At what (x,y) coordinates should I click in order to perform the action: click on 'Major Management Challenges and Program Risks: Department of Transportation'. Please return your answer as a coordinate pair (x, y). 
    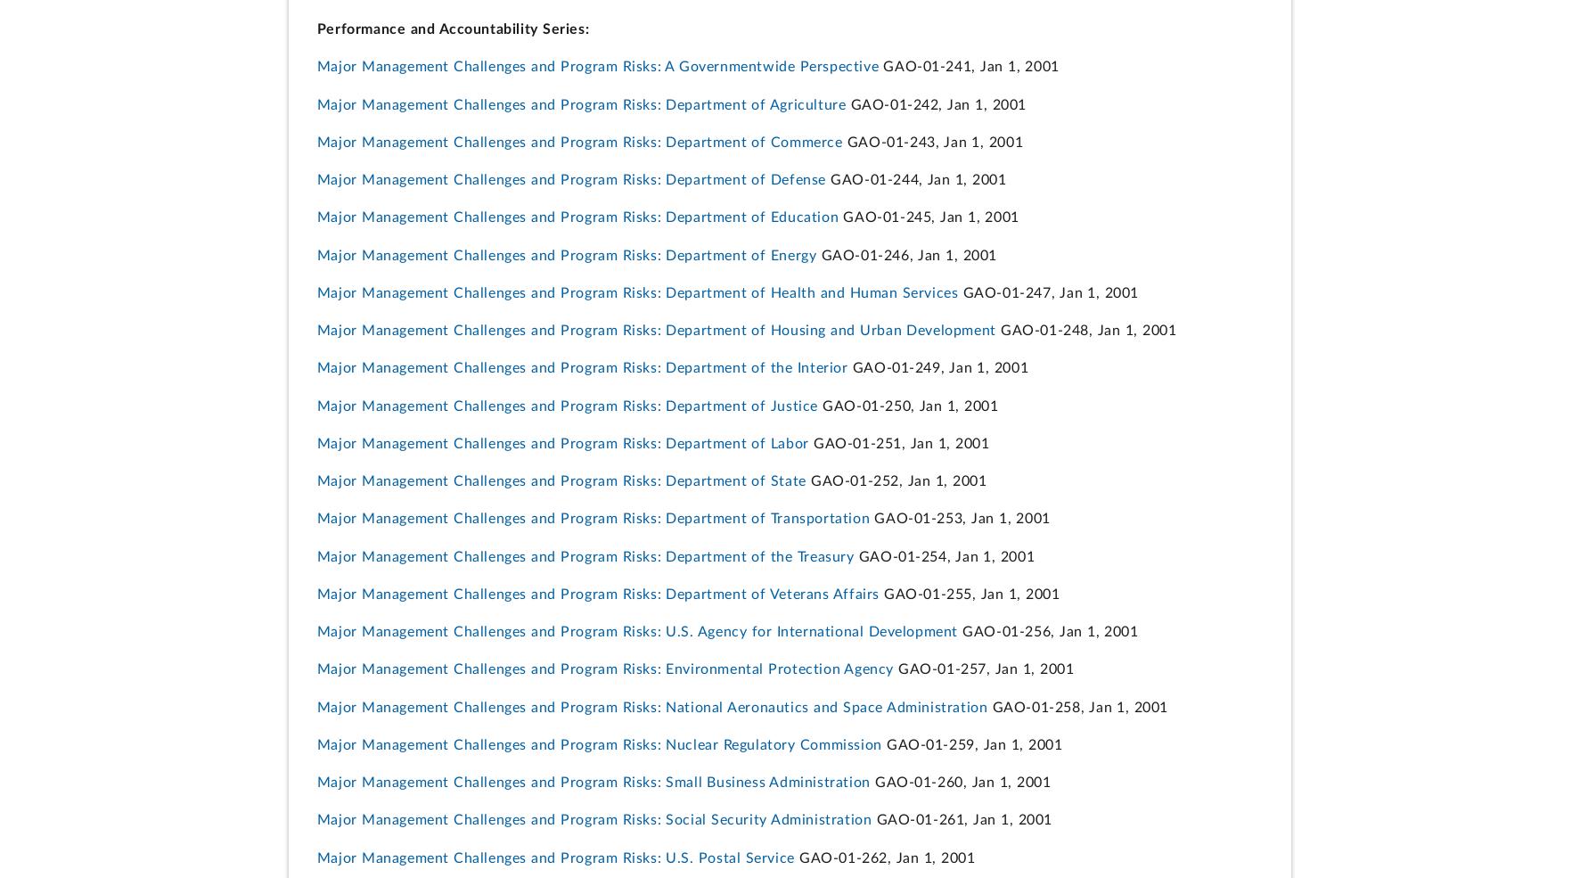
    Looking at the image, I should click on (592, 519).